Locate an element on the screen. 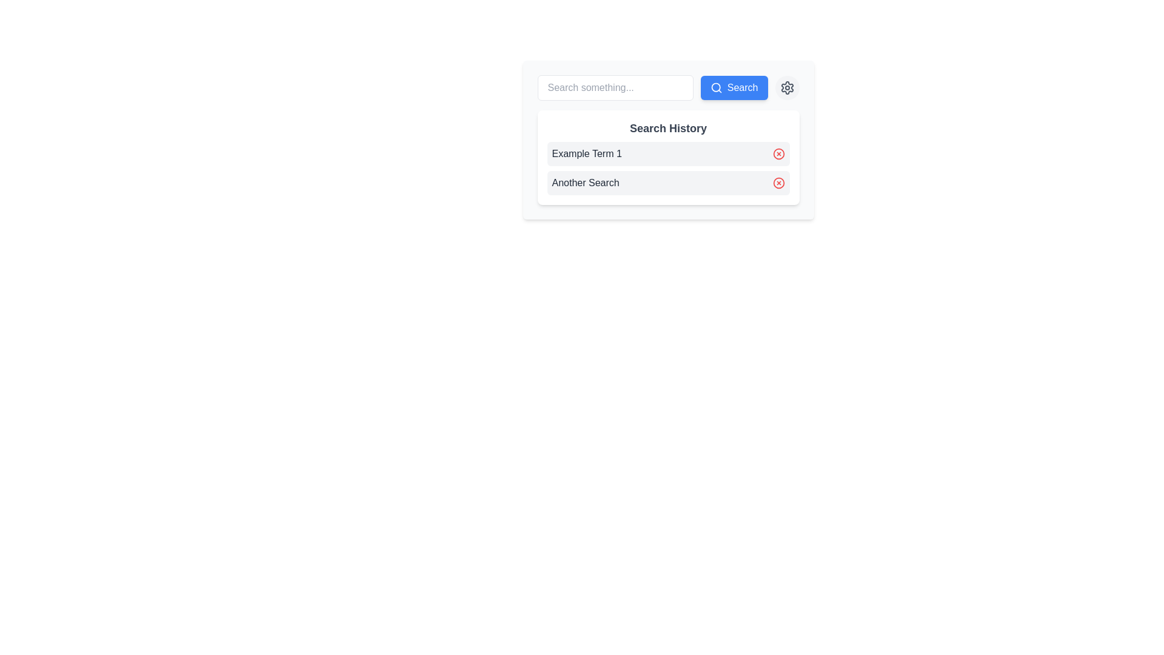 The height and width of the screenshot is (655, 1164). text label indicating the purpose of the content below it, which relates to search history, located at the top of the card-like section is located at coordinates (667, 129).